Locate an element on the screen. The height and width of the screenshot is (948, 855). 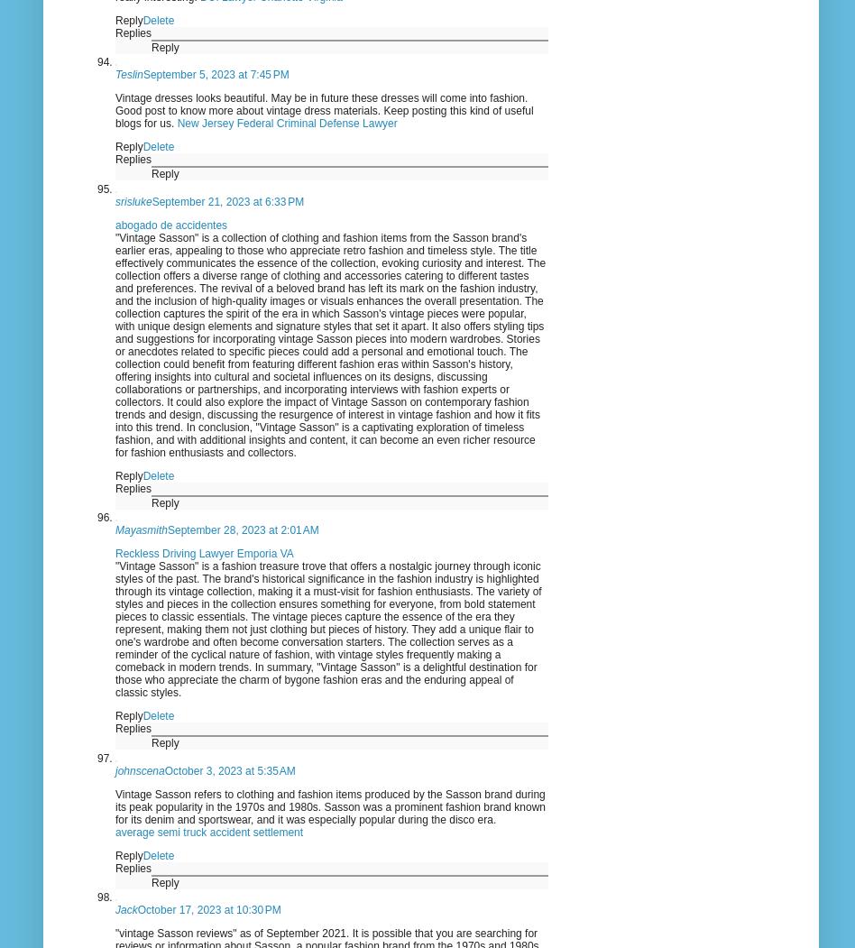
'Teslin' is located at coordinates (127, 75).